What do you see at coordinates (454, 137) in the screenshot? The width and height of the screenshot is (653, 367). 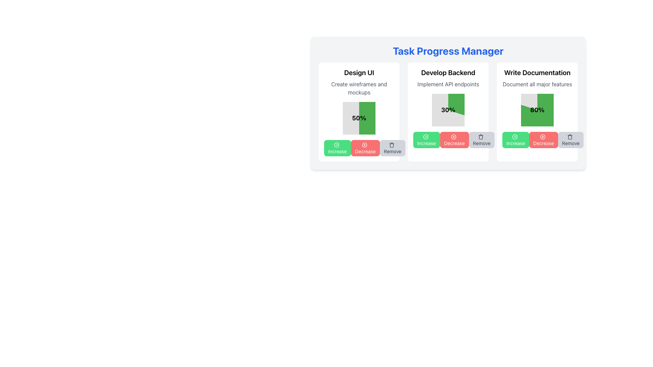 I see `the central circular part of the 'Decrease' button icon, which is represented by an 'X' symbol, located below the 'Develop Backend' progress section` at bounding box center [454, 137].